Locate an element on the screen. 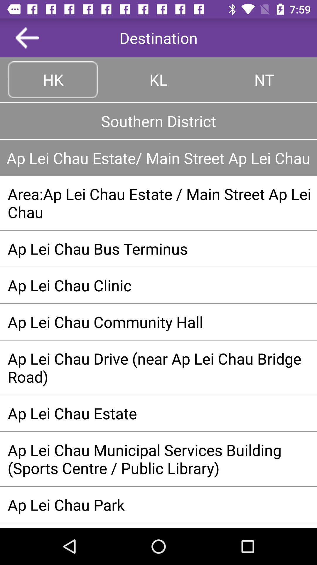  the button above hk is located at coordinates (27, 37).